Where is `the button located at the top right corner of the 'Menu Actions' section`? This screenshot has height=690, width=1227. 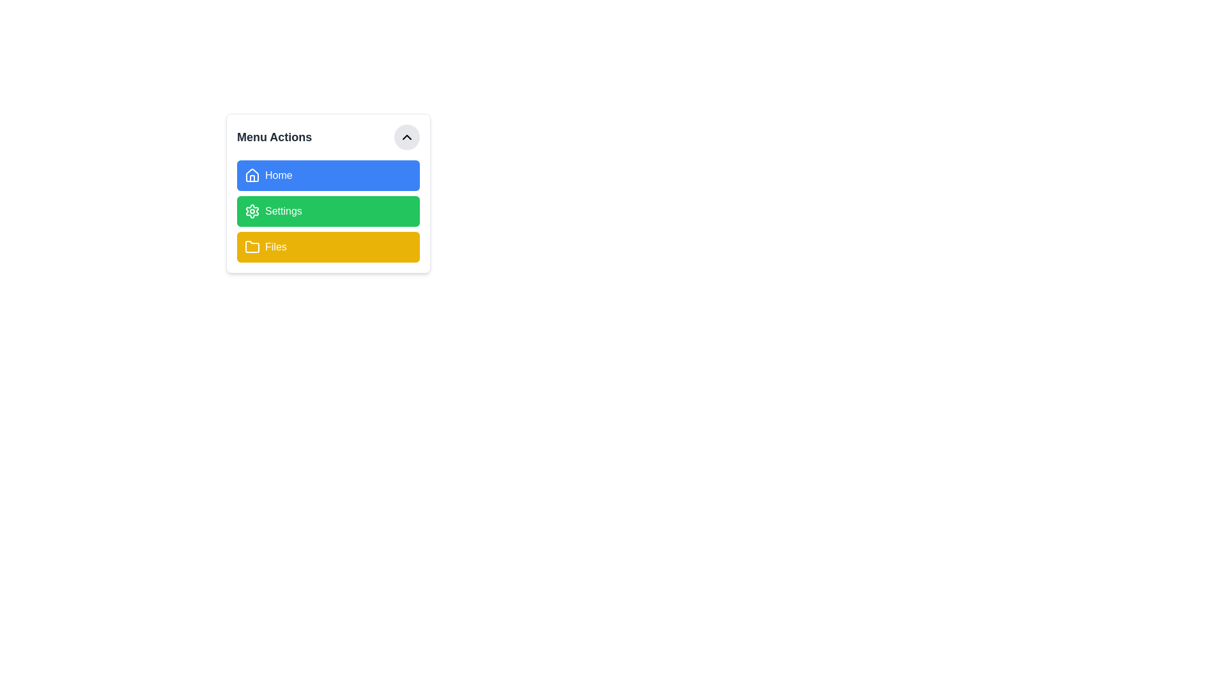 the button located at the top right corner of the 'Menu Actions' section is located at coordinates (406, 137).